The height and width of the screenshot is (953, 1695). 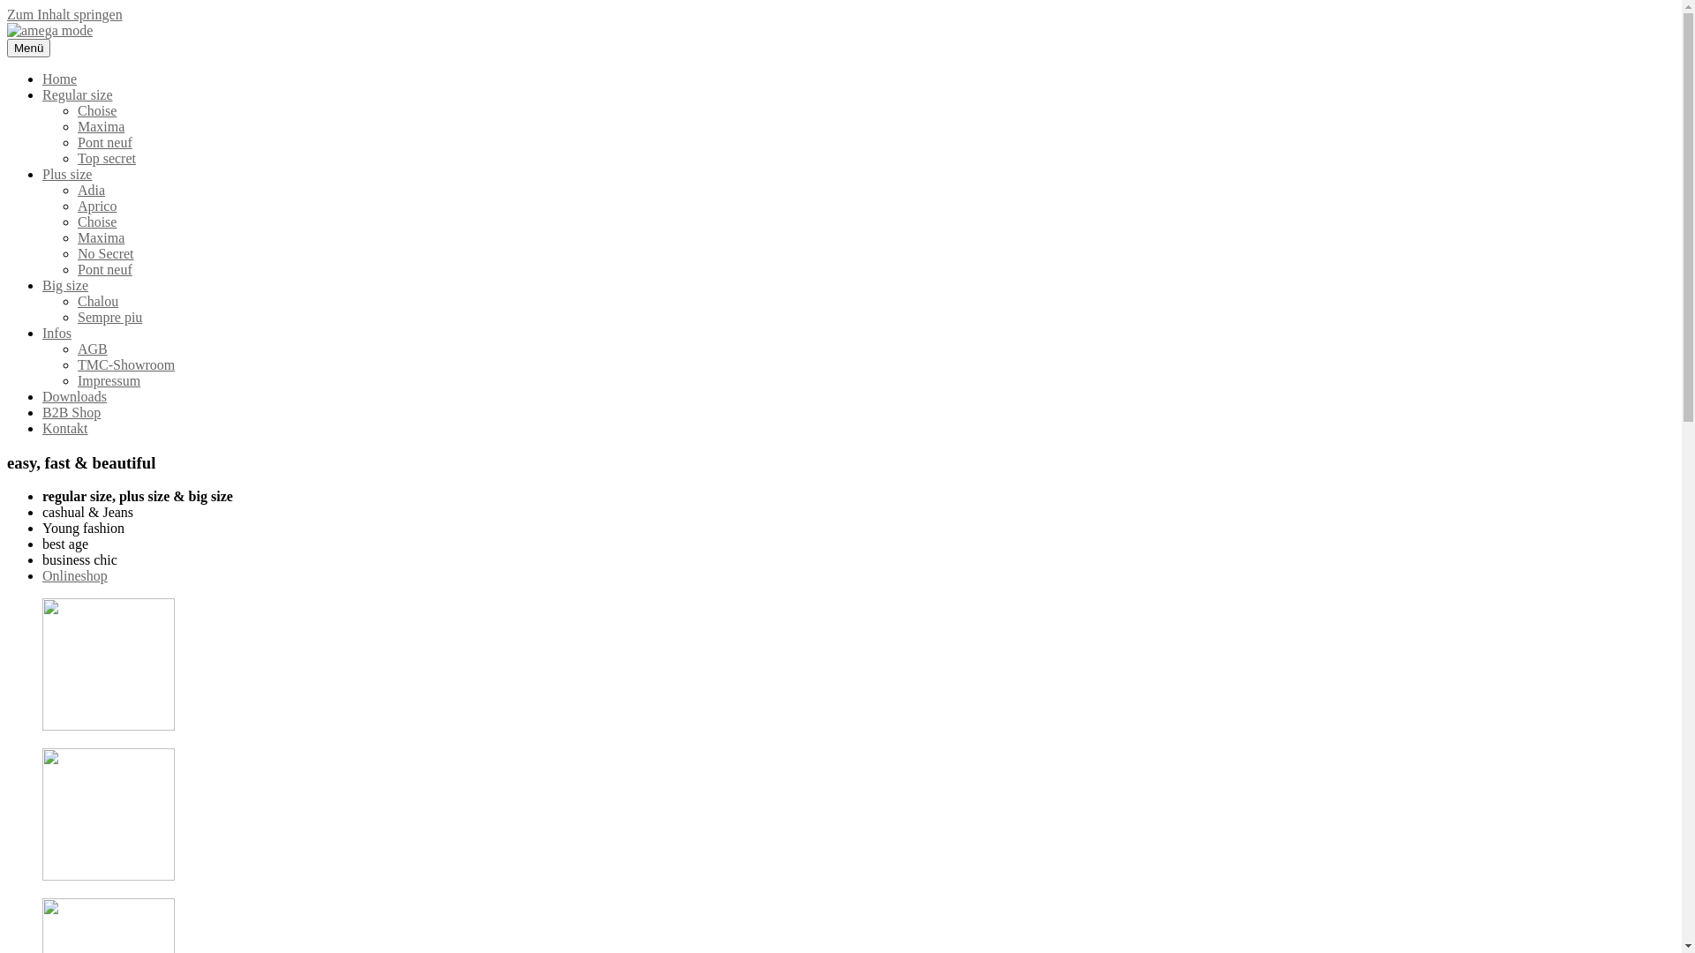 What do you see at coordinates (34, 59) in the screenshot?
I see `'amega ag'` at bounding box center [34, 59].